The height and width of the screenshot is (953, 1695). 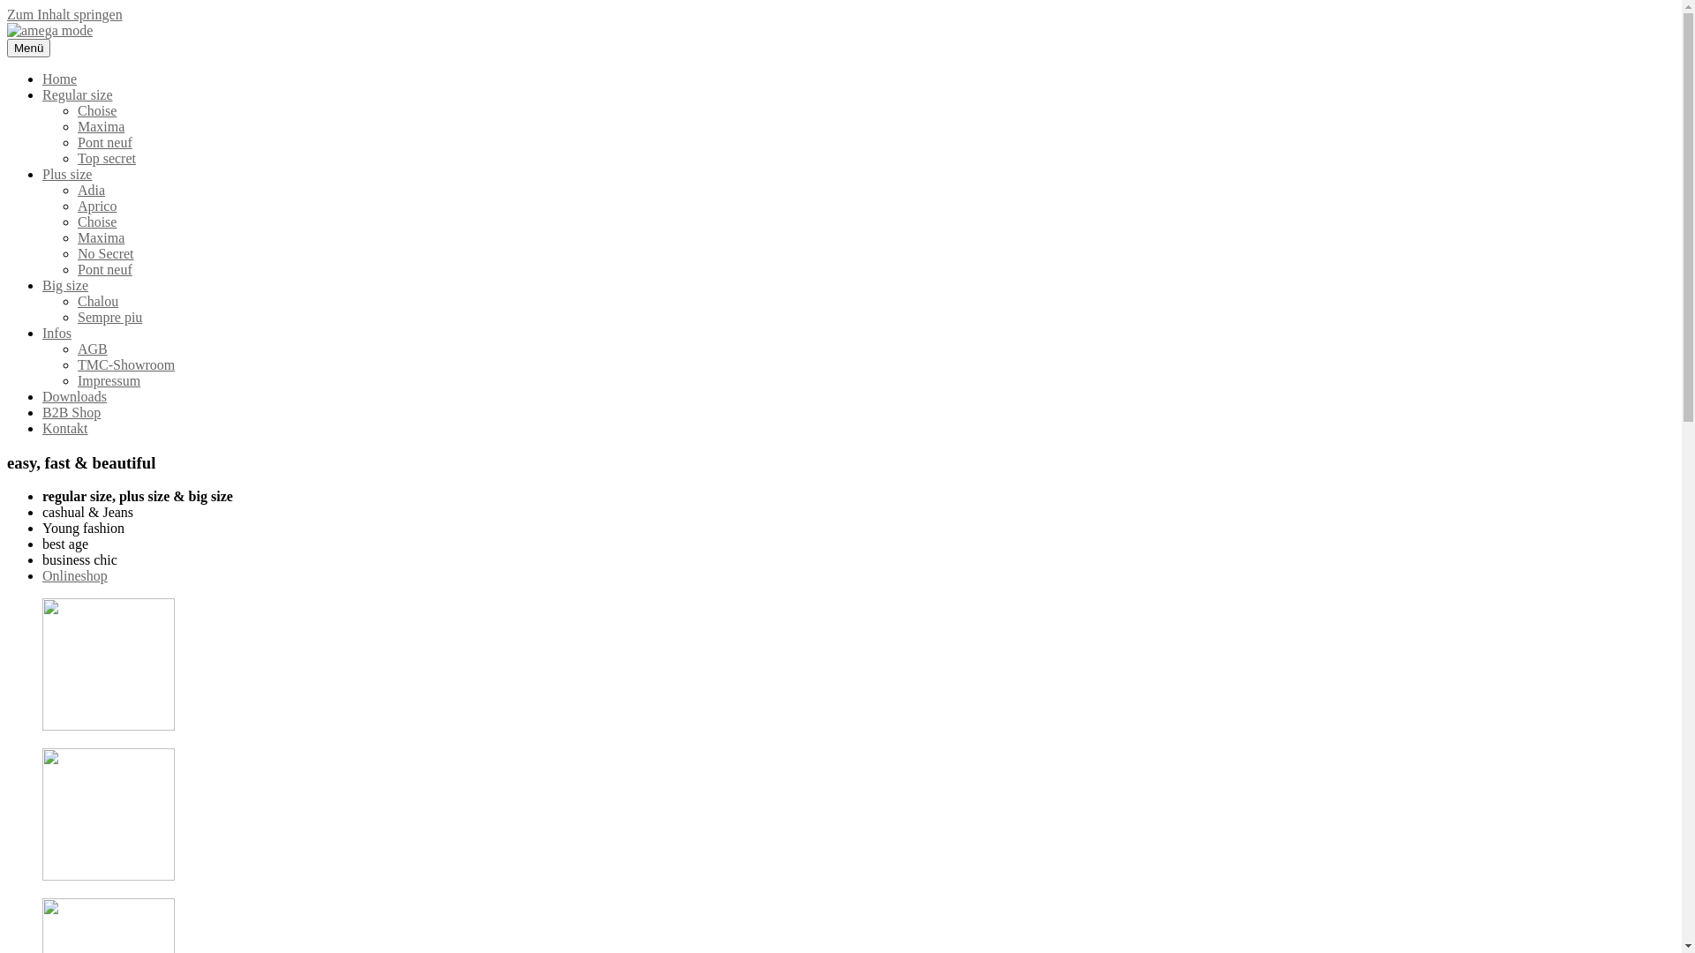 What do you see at coordinates (34, 59) in the screenshot?
I see `'amega ag'` at bounding box center [34, 59].